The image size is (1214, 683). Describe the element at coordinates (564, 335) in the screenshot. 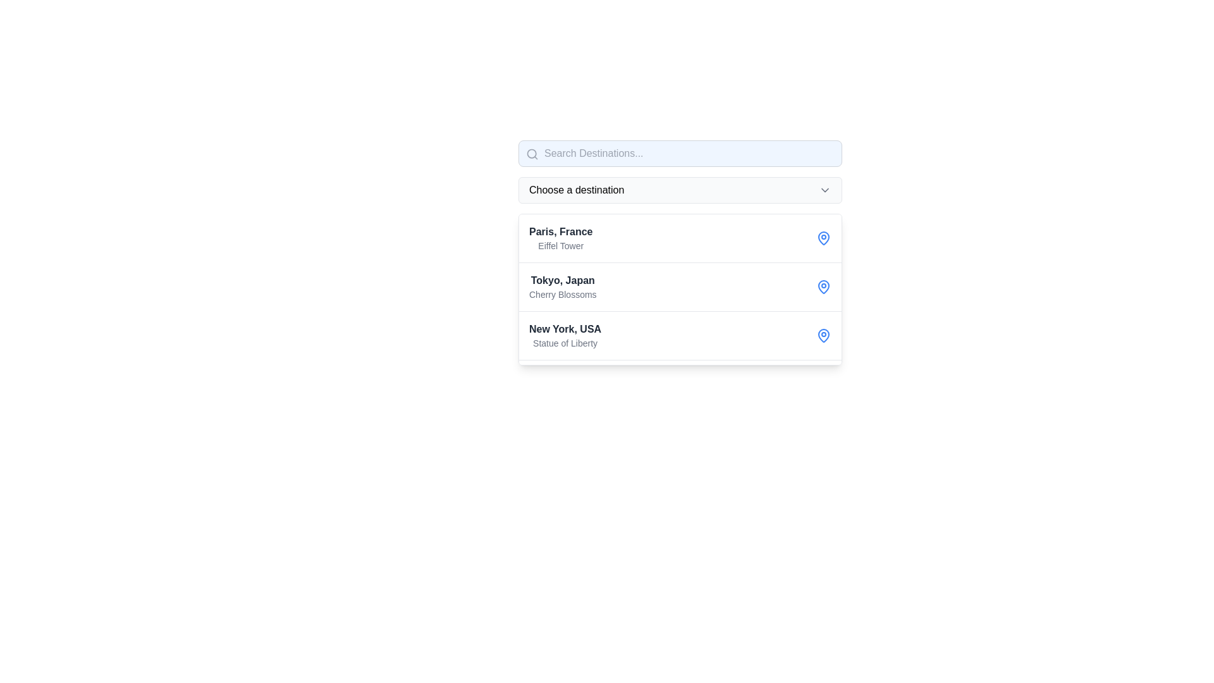

I see `on the list item that displays 'New York, USA' in bold text and 'Statue of Liberty' as a subtitle, confirming the selection` at that location.